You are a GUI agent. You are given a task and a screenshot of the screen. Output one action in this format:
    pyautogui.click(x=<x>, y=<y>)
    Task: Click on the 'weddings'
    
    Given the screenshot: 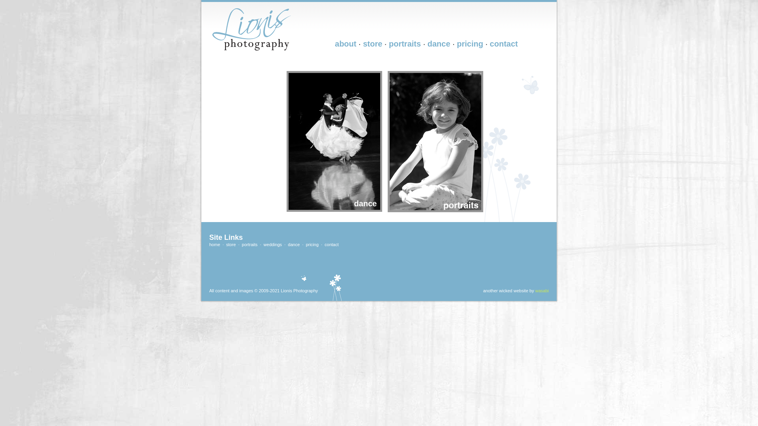 What is the action you would take?
    pyautogui.click(x=273, y=244)
    